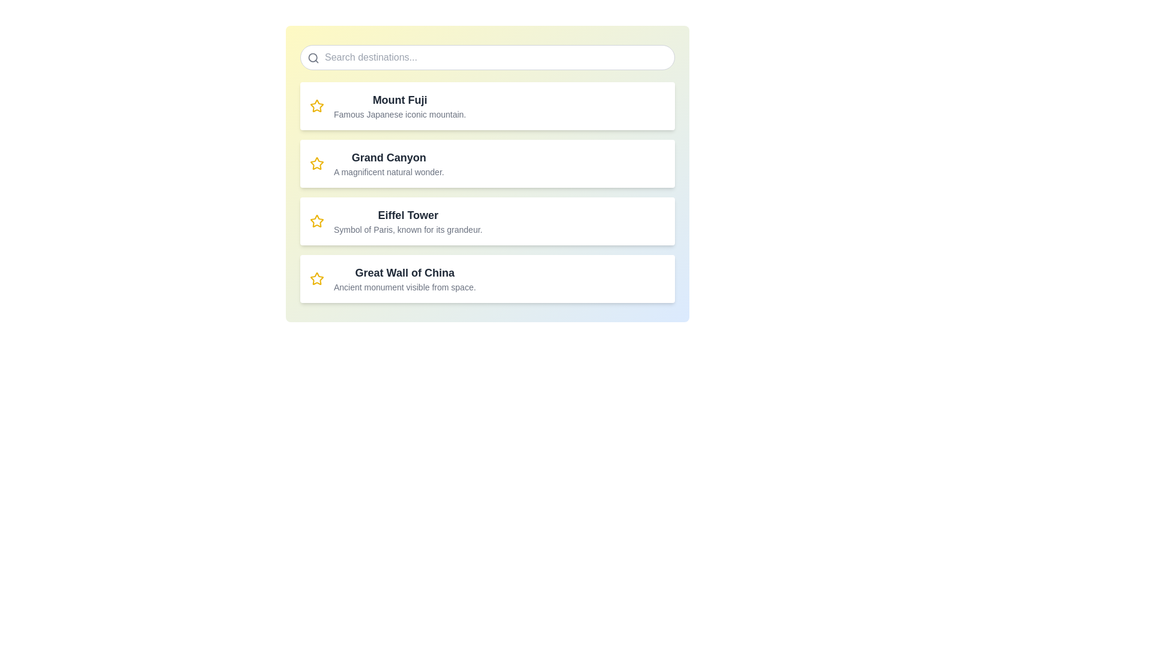  Describe the element at coordinates (317, 279) in the screenshot. I see `the yellow star icon located to the left of the text 'Great Wall of China Ancient monument visible from space.' in the fourth item of the vertical list` at that location.